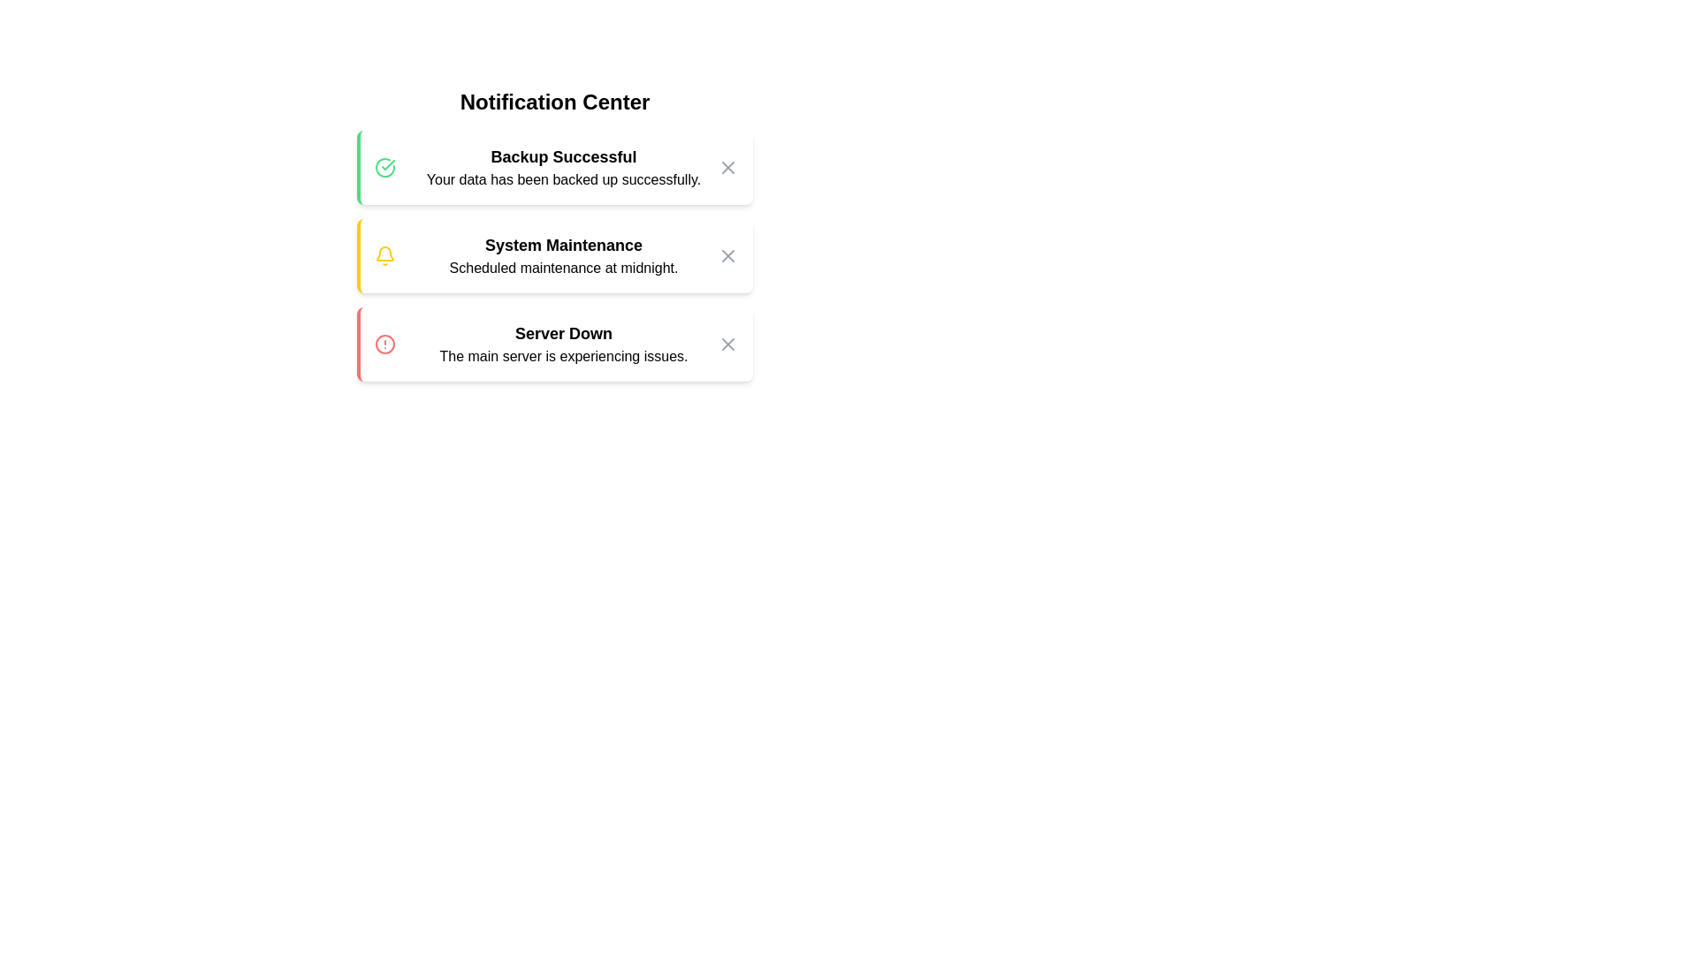 Image resolution: width=1697 pixels, height=954 pixels. I want to click on the notification titled 'System Maintenance' to observe its hover effect, so click(554, 255).